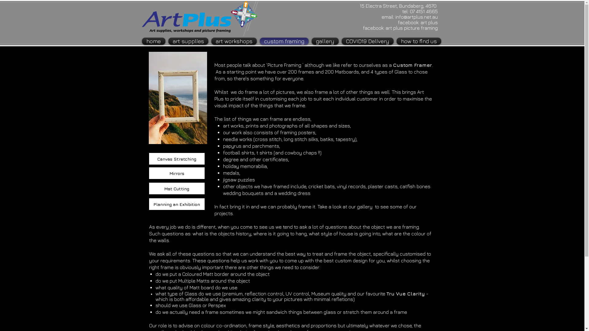 The image size is (589, 331). What do you see at coordinates (141, 41) in the screenshot?
I see `'home'` at bounding box center [141, 41].